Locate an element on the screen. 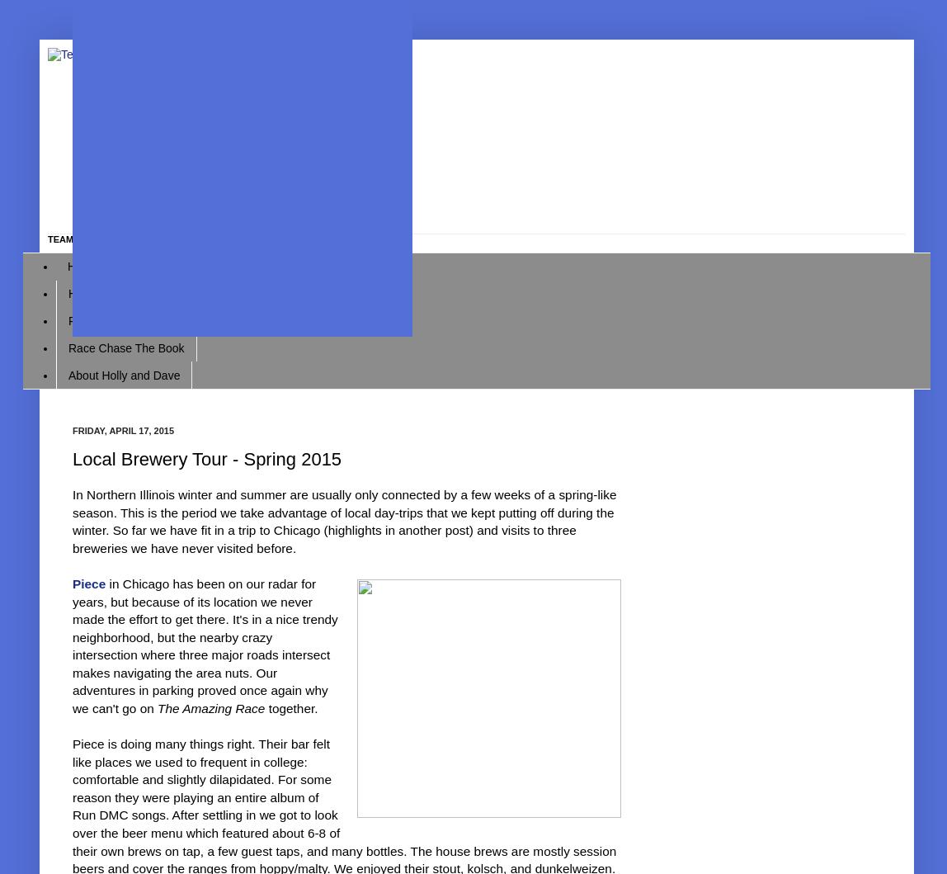 This screenshot has width=947, height=874. 'Holly's 50 States Marathon Map' is located at coordinates (149, 293).